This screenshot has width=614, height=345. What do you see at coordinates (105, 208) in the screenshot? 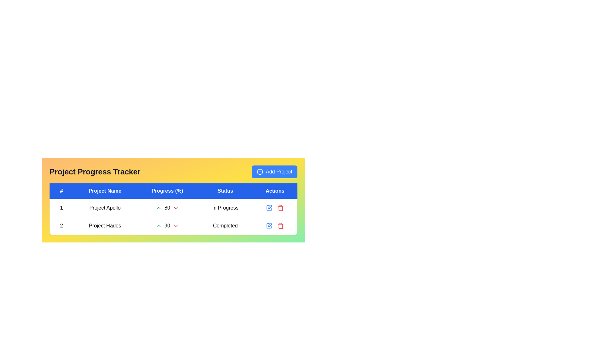
I see `the text 'Project Apollo' from the Static Text element located in the 'Project Name' column of the first project entry` at bounding box center [105, 208].